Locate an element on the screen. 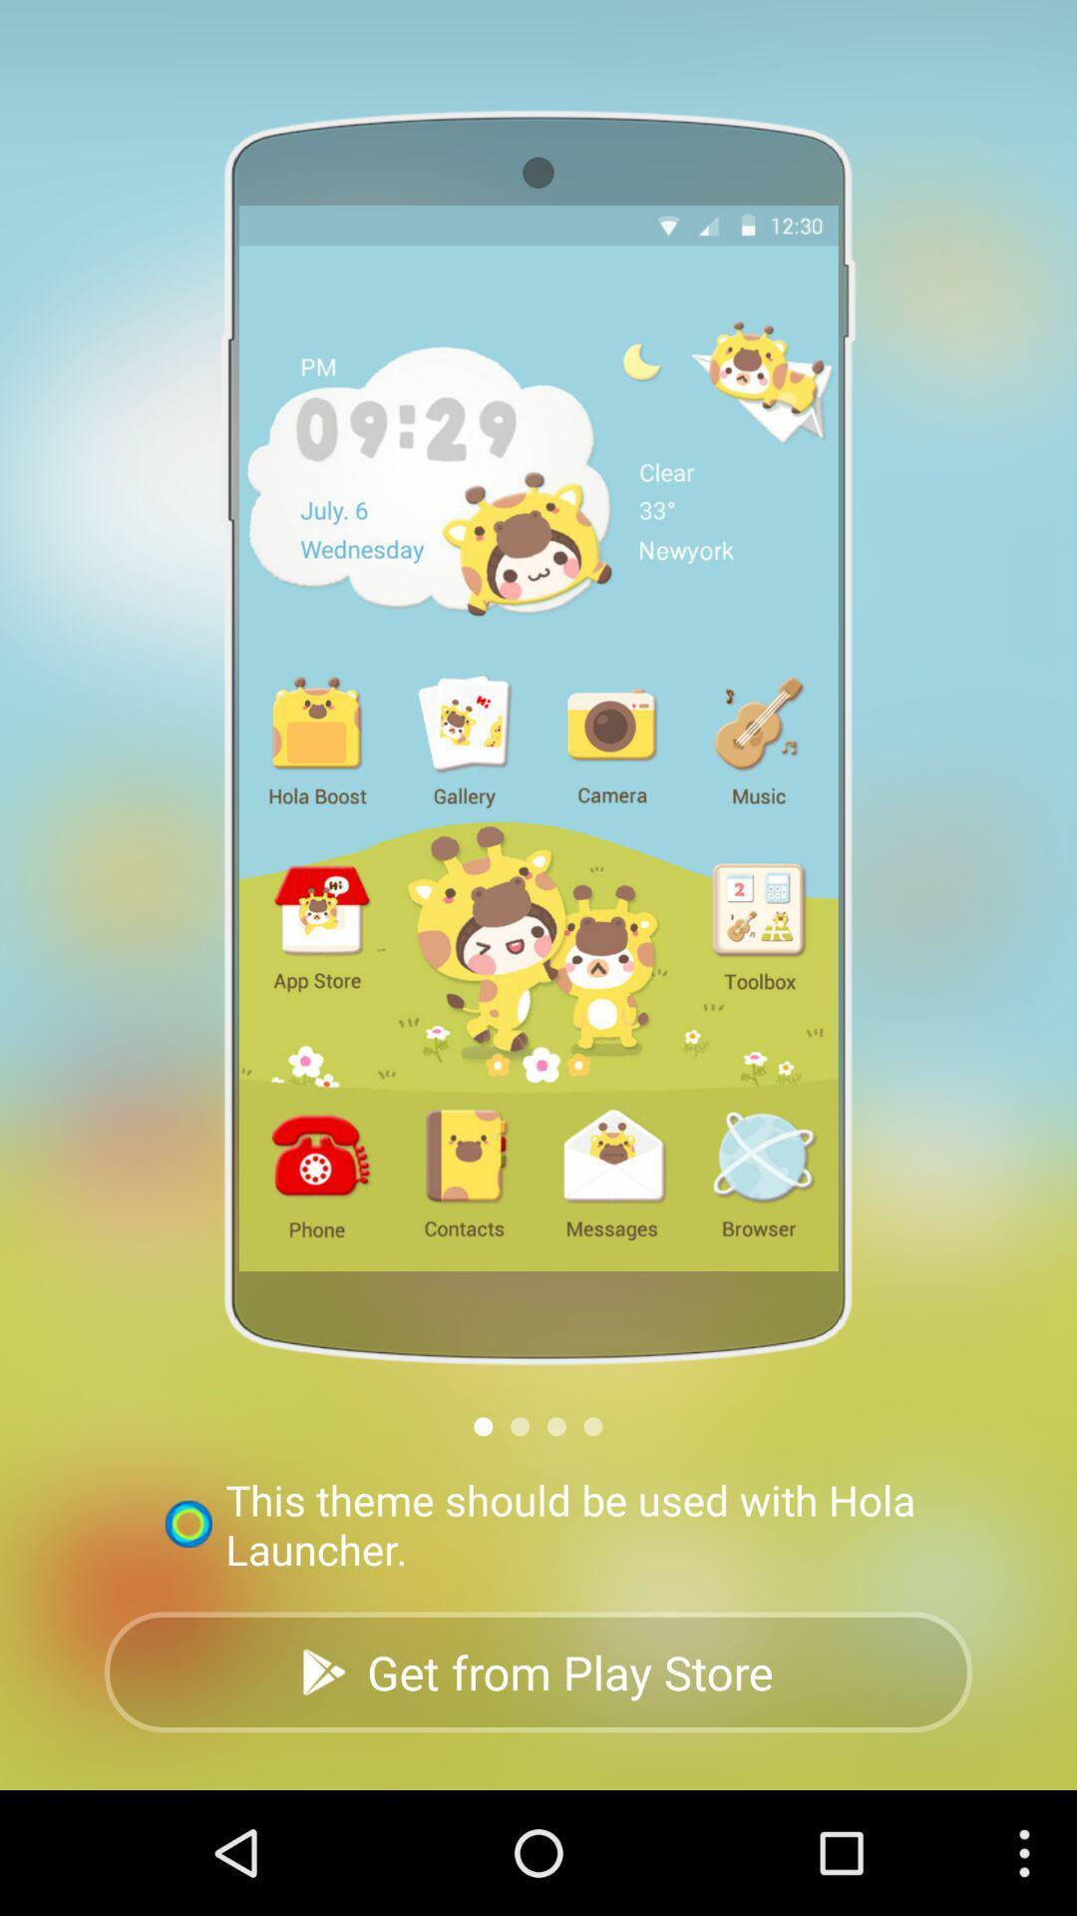 This screenshot has height=1916, width=1077. icon above this theme should icon is located at coordinates (556, 1425).